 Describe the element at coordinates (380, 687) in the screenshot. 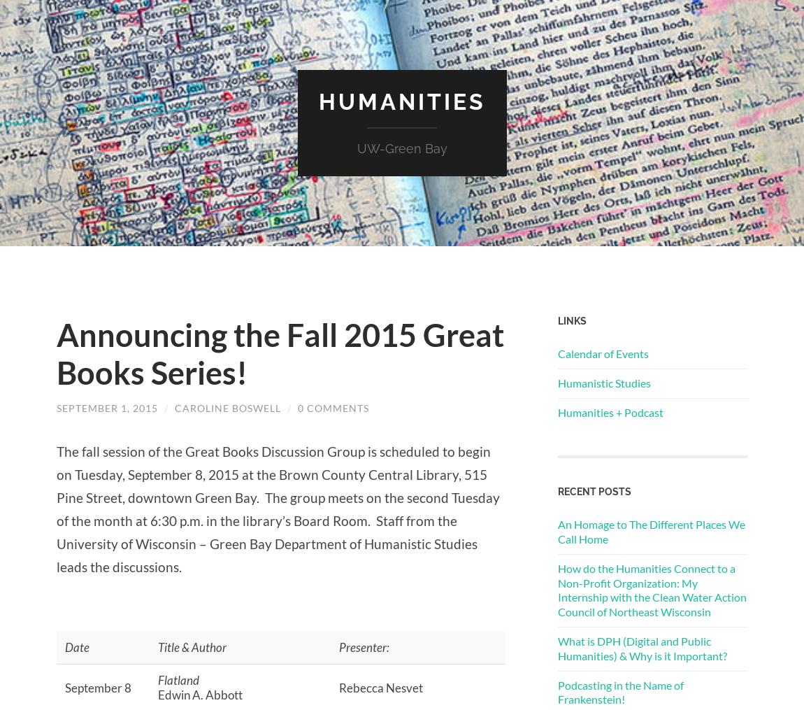

I see `'Rebecca Nesvet'` at that location.